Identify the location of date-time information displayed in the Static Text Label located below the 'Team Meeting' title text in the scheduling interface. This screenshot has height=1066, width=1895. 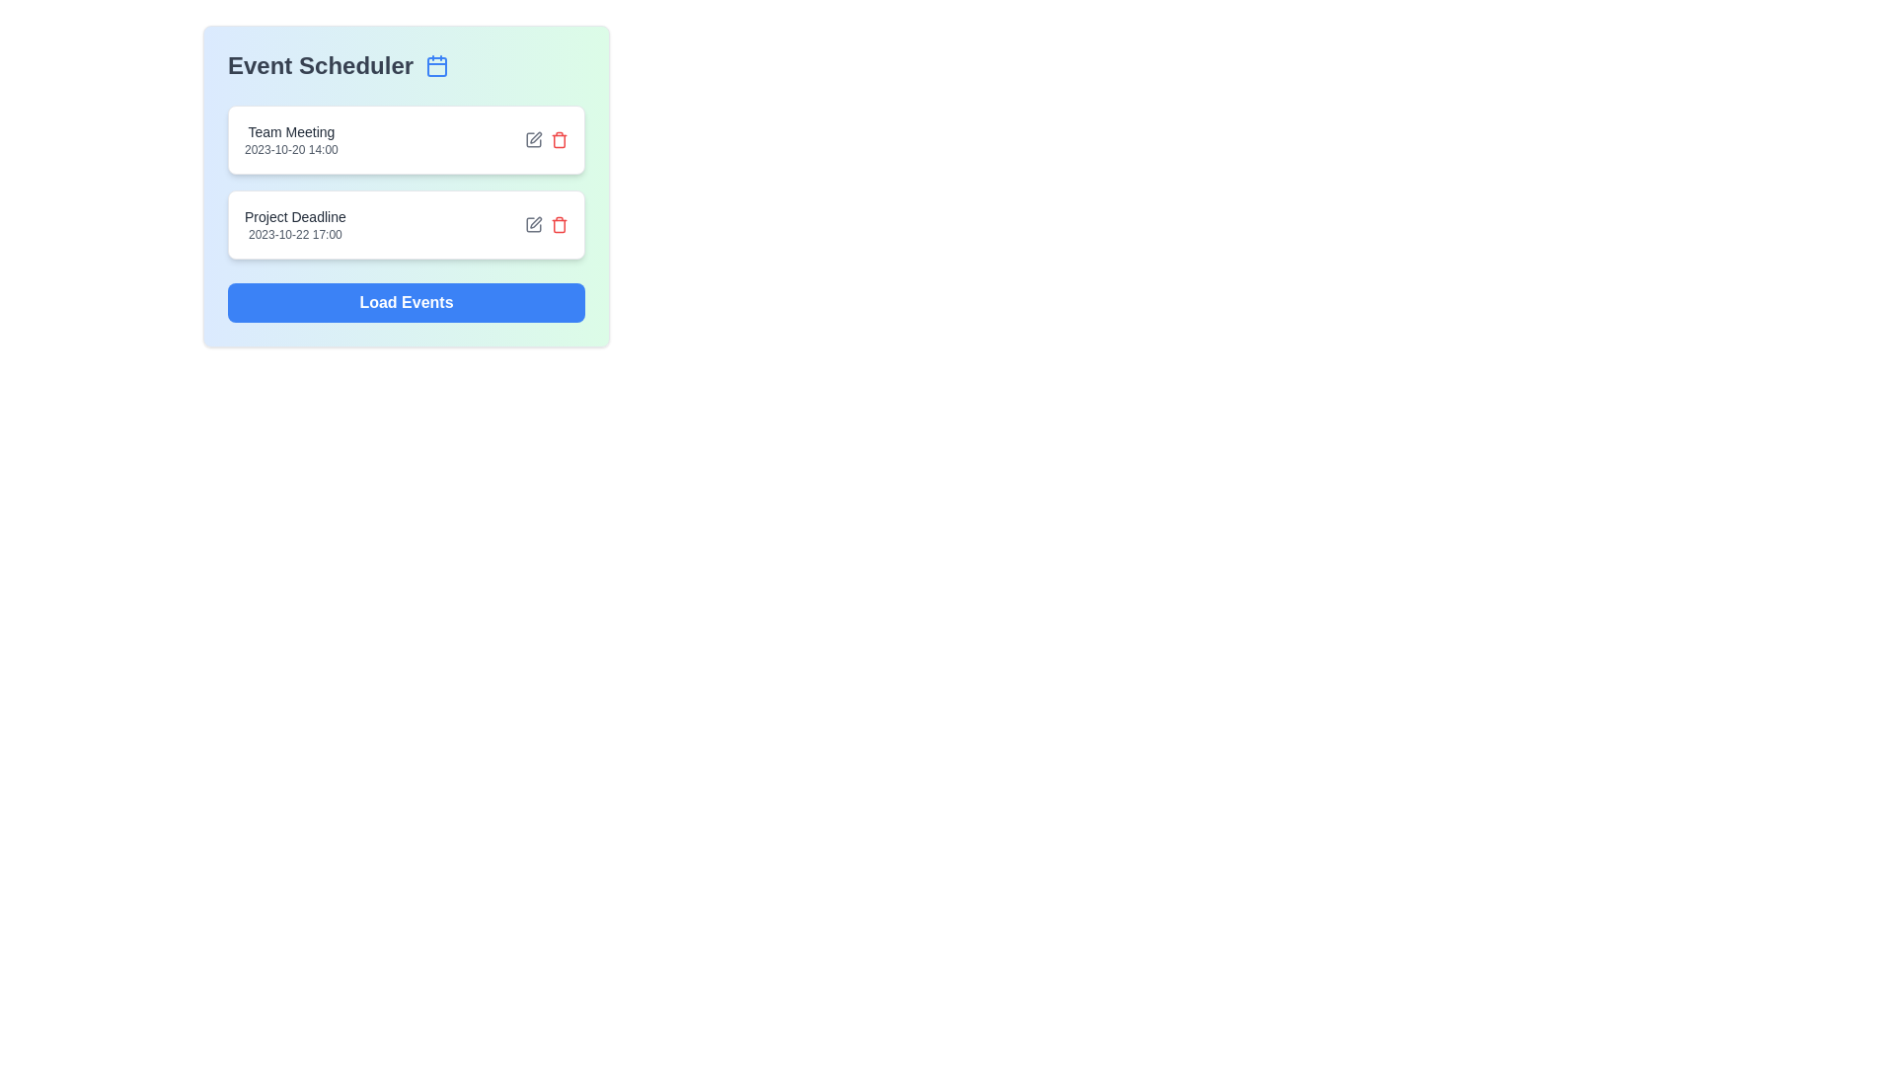
(290, 148).